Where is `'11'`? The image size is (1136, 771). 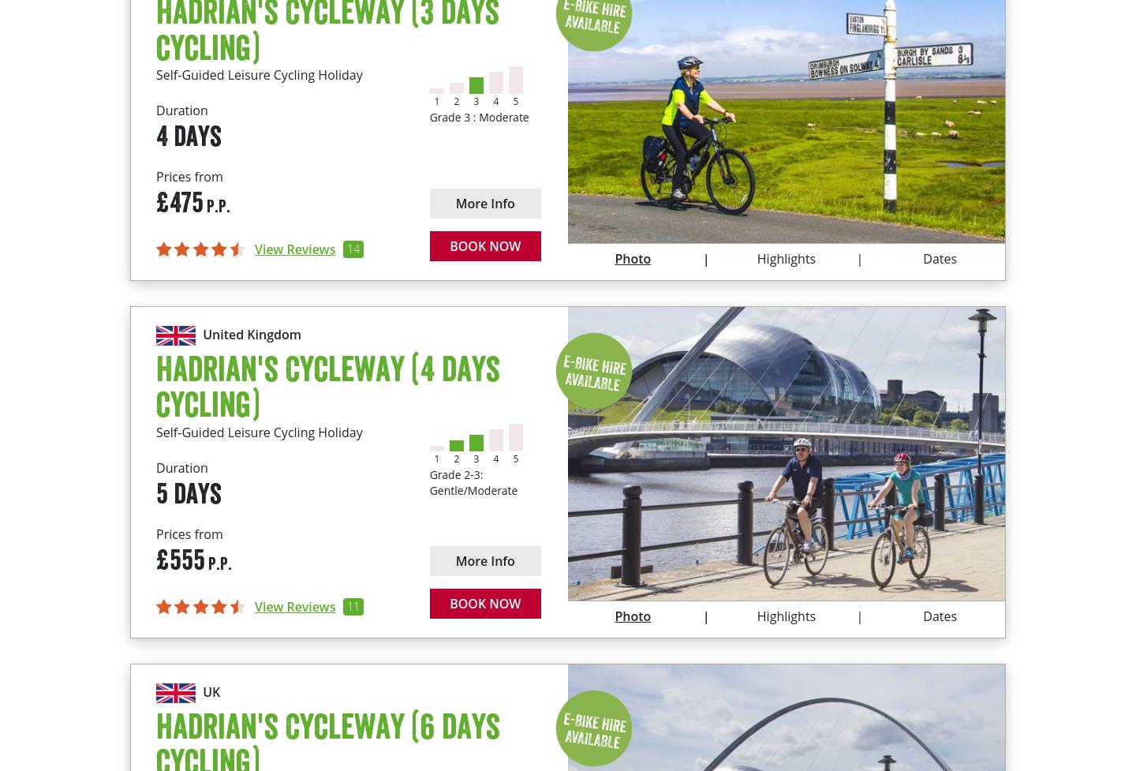
'11' is located at coordinates (347, 605).